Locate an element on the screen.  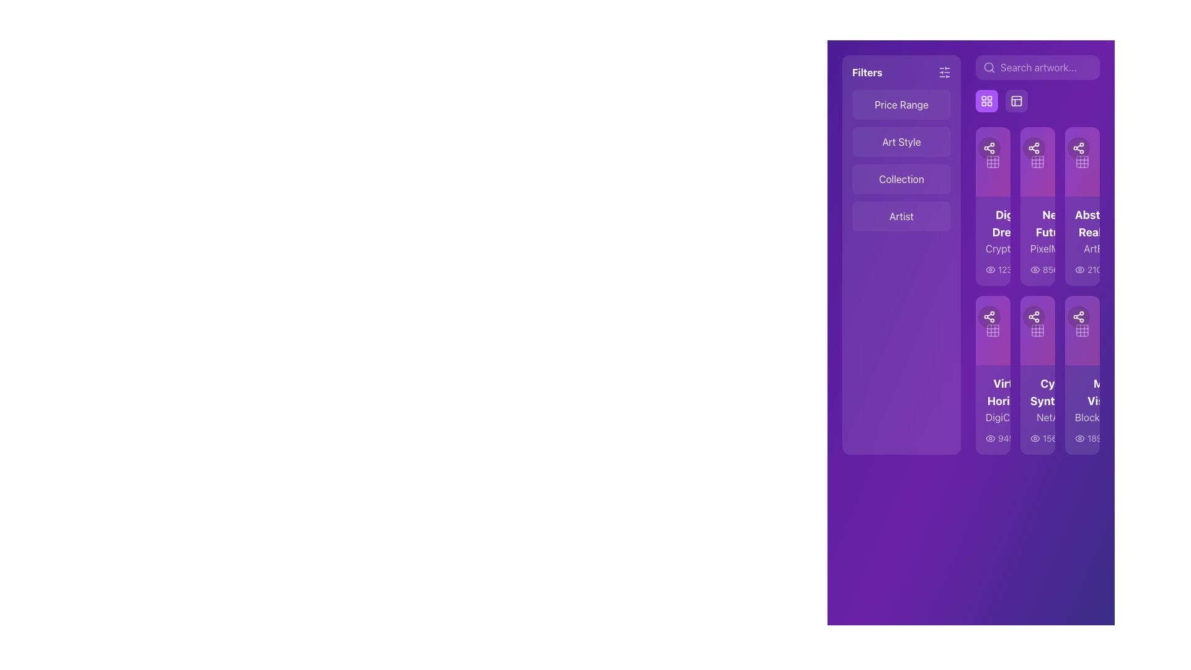
the leftmost button with a solid purple background and a grid icon is located at coordinates (1001, 100).